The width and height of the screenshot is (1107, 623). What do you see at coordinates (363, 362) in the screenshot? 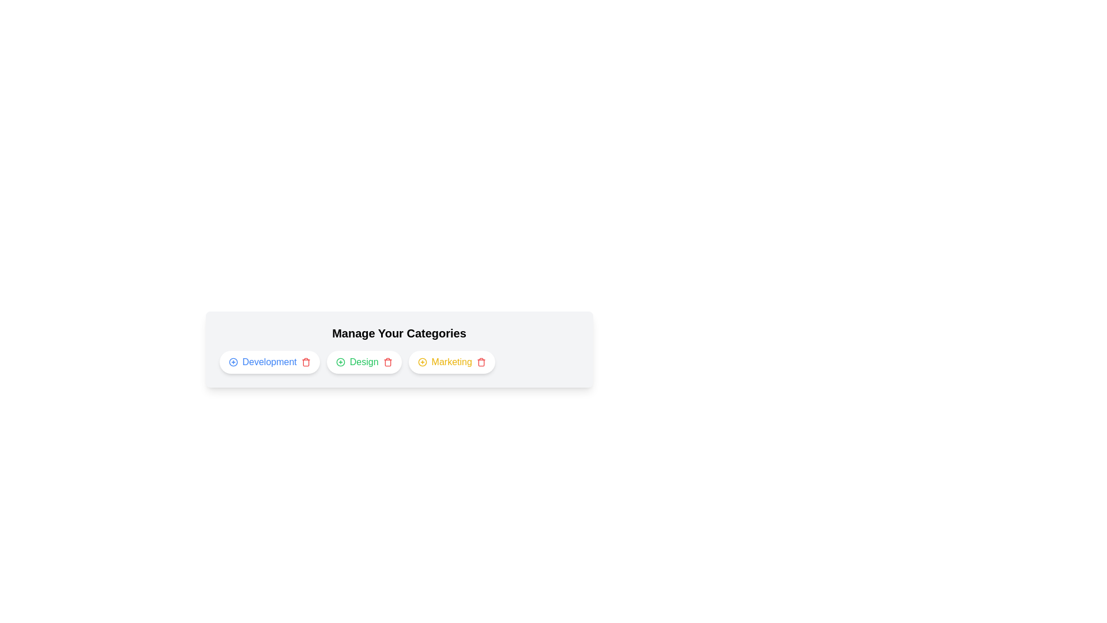
I see `the category Design to highlight it` at bounding box center [363, 362].